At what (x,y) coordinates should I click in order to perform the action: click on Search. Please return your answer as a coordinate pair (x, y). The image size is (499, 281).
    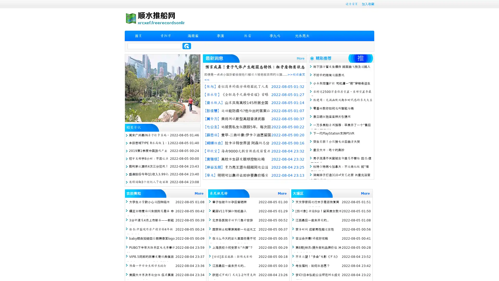
    Looking at the image, I should click on (187, 46).